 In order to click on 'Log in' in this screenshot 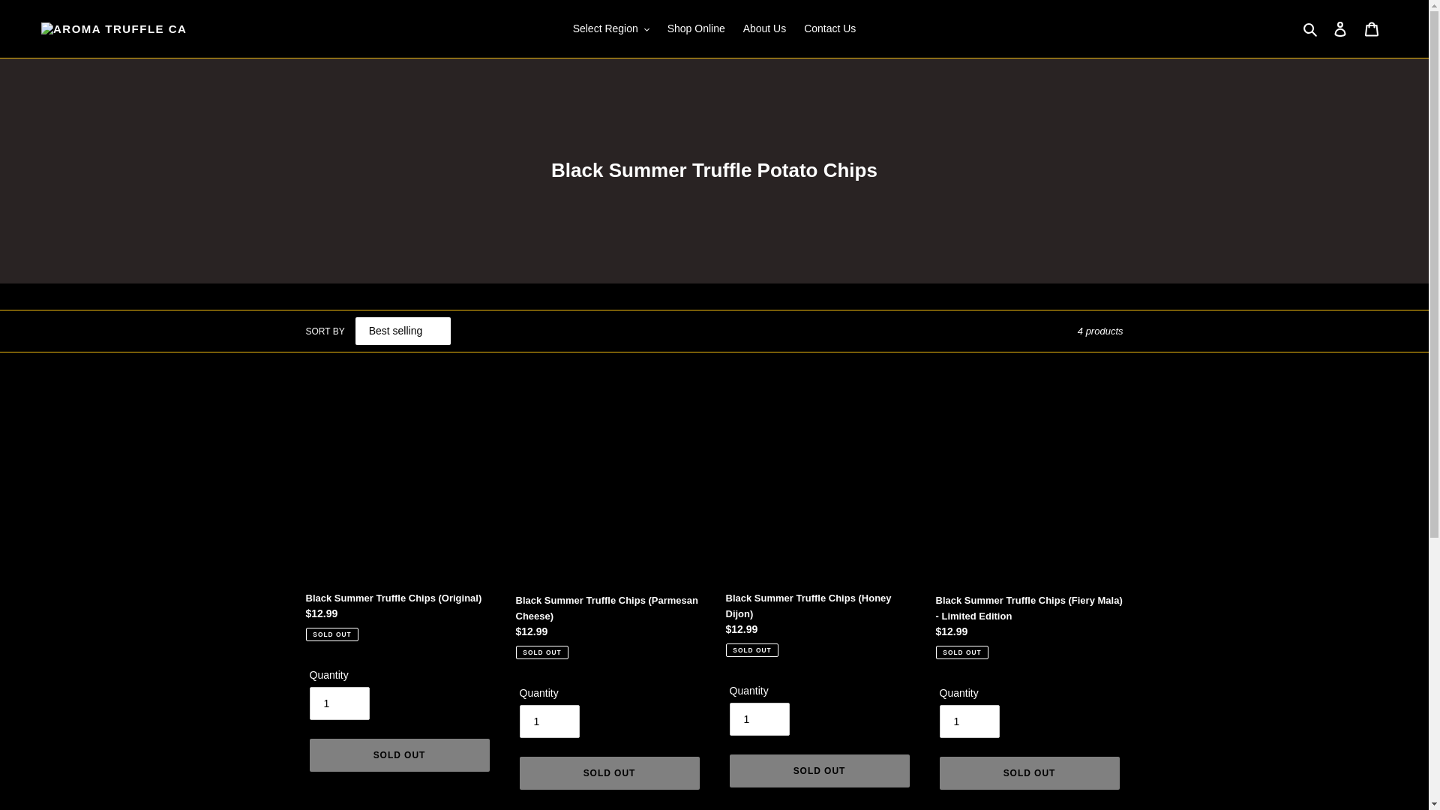, I will do `click(1324, 28)`.